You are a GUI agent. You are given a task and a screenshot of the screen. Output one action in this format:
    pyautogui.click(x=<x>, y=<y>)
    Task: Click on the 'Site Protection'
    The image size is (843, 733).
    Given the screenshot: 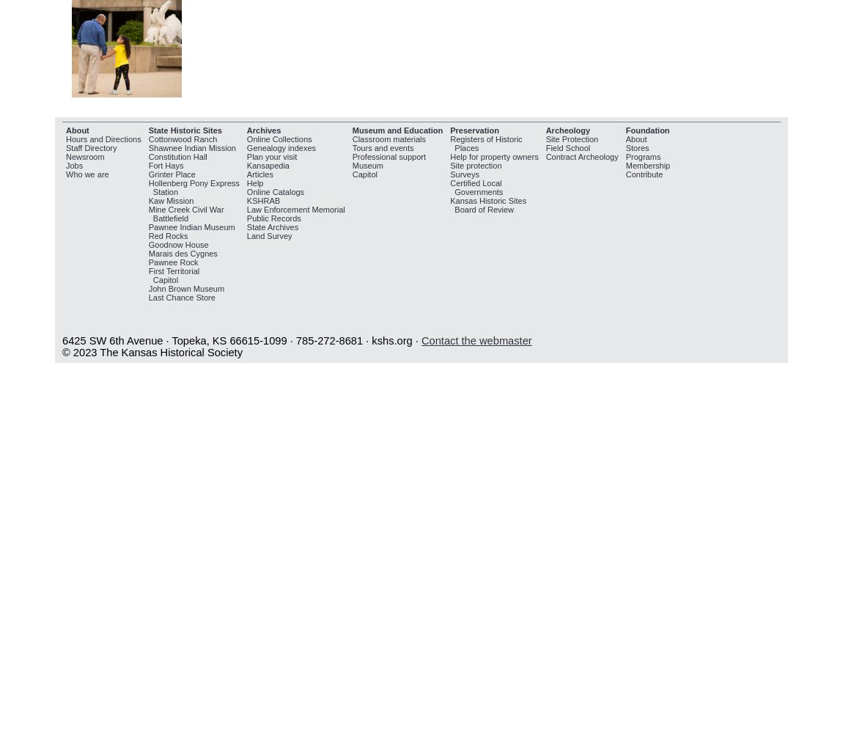 What is the action you would take?
    pyautogui.click(x=571, y=138)
    